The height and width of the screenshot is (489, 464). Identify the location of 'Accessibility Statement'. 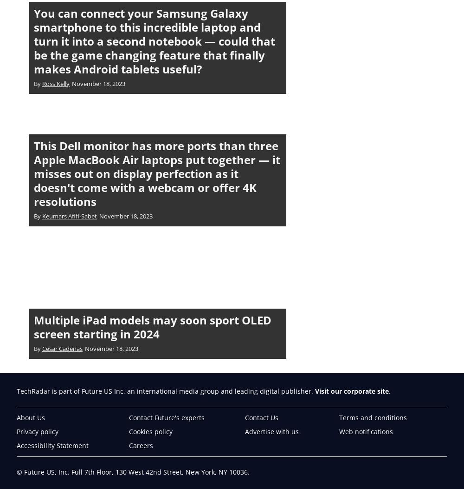
(17, 444).